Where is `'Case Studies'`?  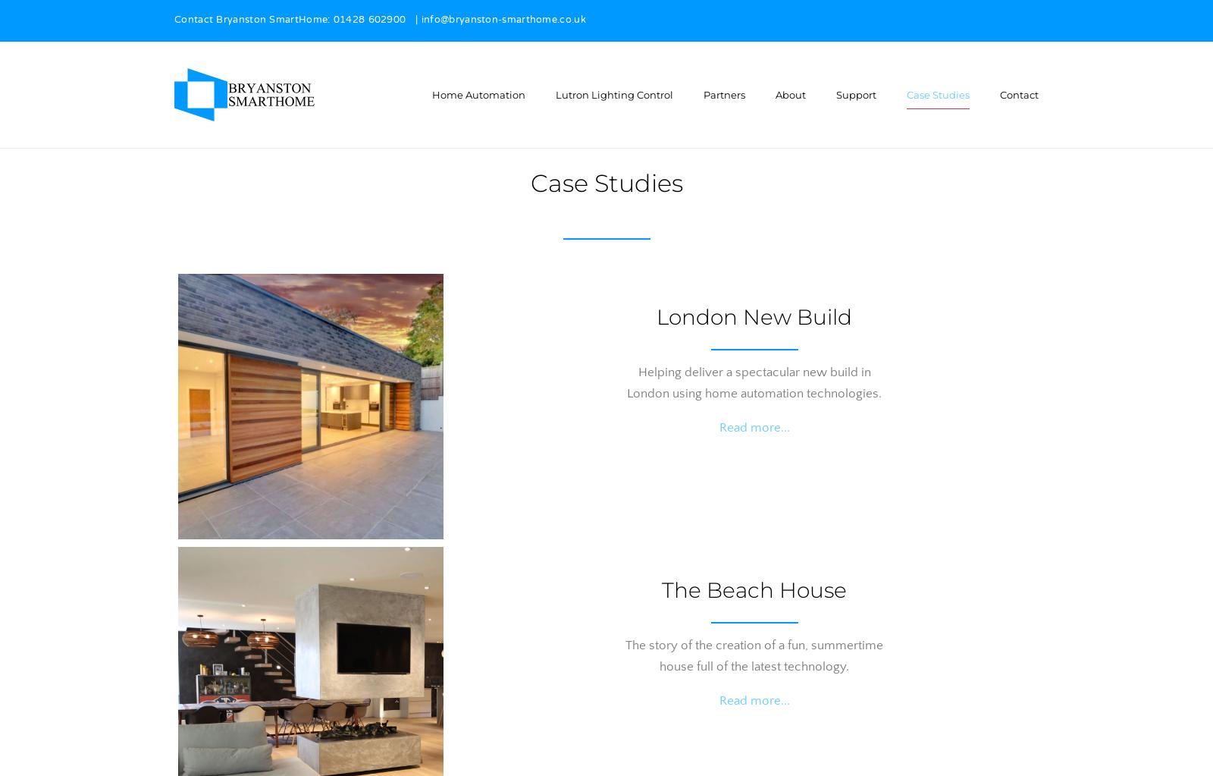 'Case Studies' is located at coordinates (606, 183).